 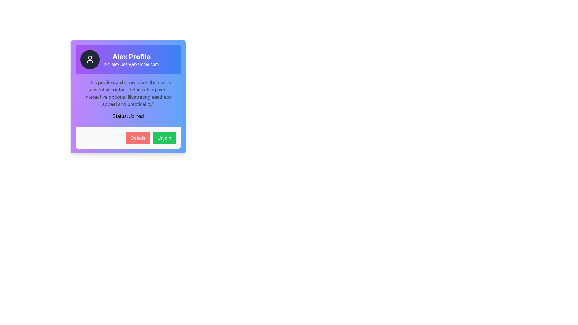 What do you see at coordinates (131, 57) in the screenshot?
I see `the profile name text label displaying 'Alex Profile', which is positioned at the top-middle of the profile card` at bounding box center [131, 57].